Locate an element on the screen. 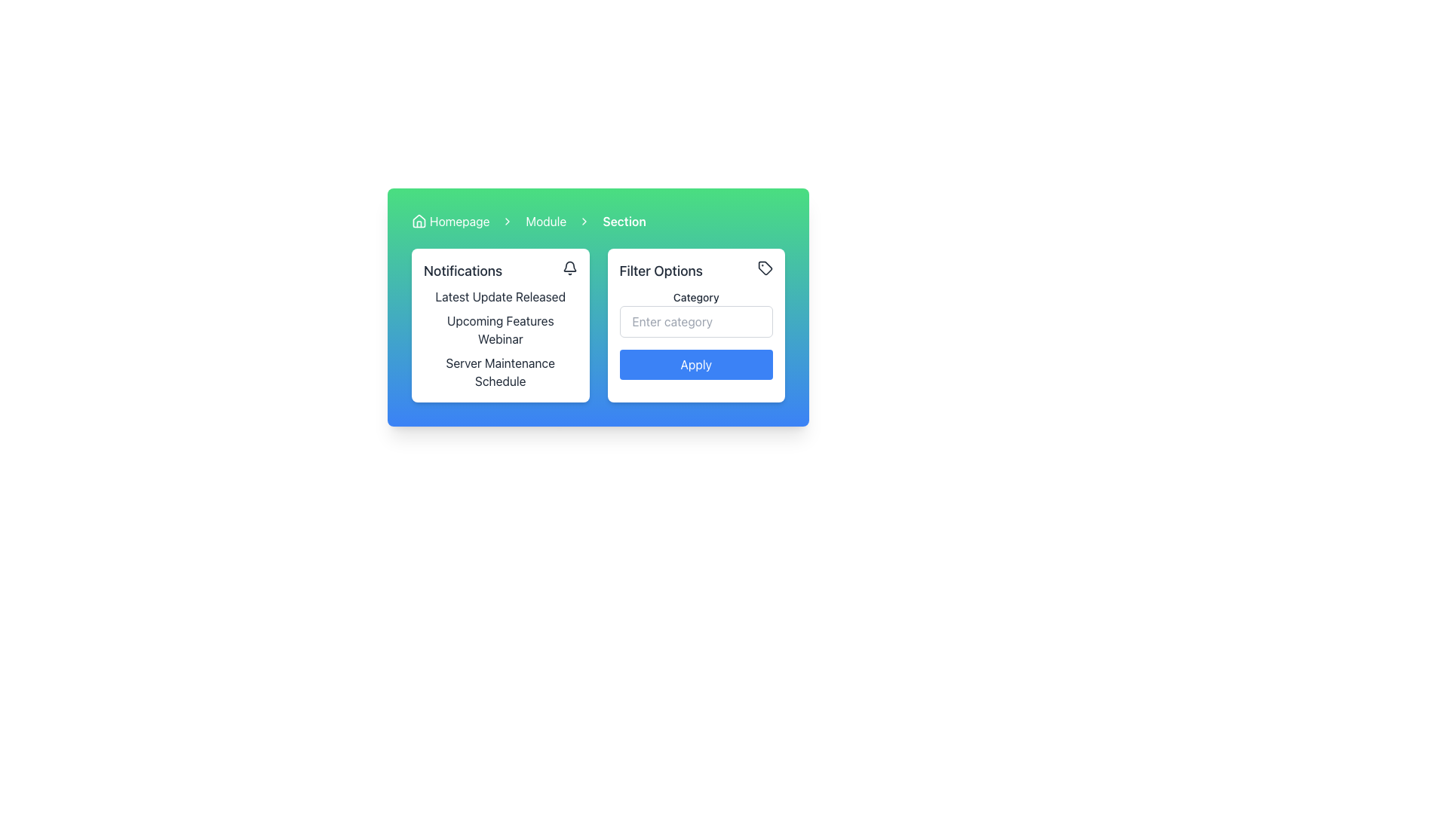  the hyperlink with a house icon and the text 'Homepage' in the breadcrumb navigation bar is located at coordinates (449, 221).